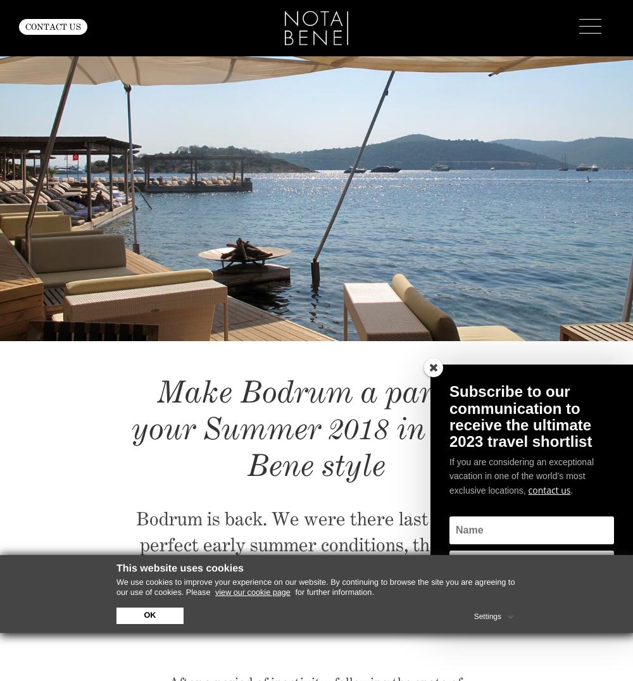 The image size is (633, 681). What do you see at coordinates (520, 415) in the screenshot?
I see `'Subscribe to our communication to receive the ultimate 2023 travel shortlist'` at bounding box center [520, 415].